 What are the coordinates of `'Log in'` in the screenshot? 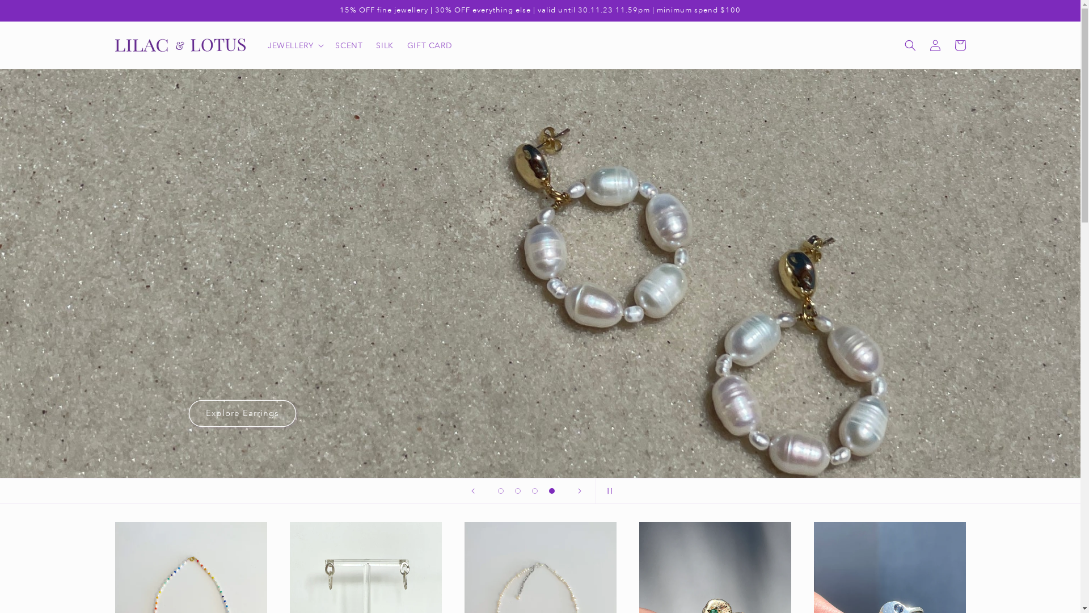 It's located at (934, 45).